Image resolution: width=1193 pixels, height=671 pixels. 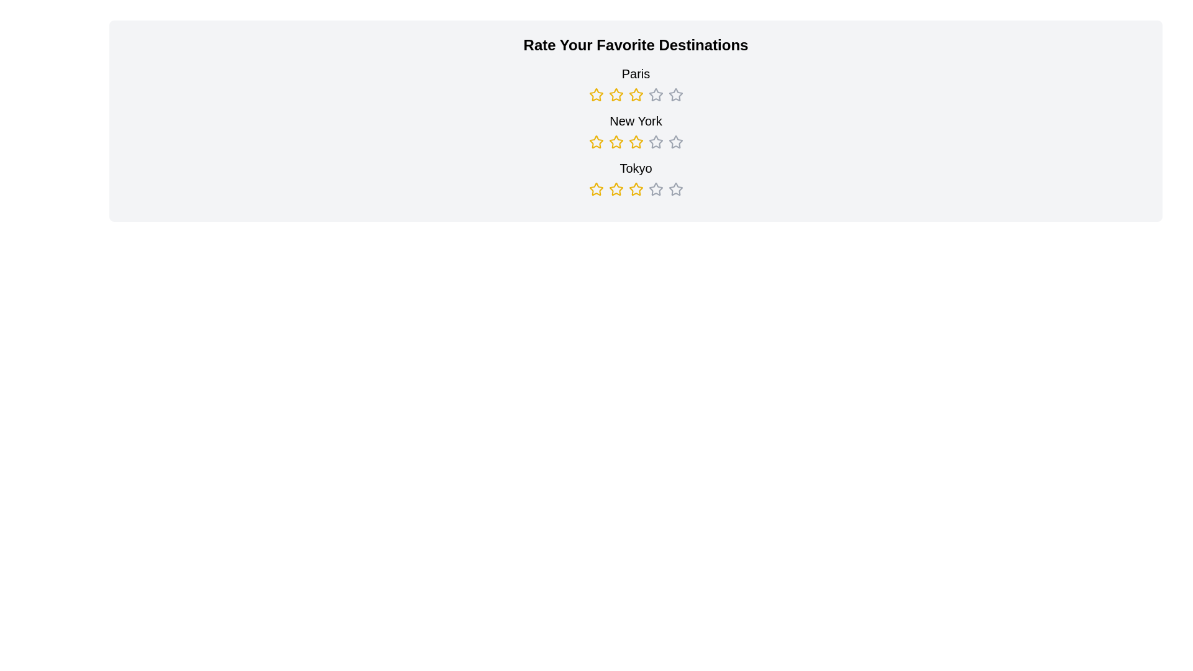 What do you see at coordinates (636, 141) in the screenshot?
I see `the second yellow star icon in the 'Rate Your Favorite Destinations' interface` at bounding box center [636, 141].